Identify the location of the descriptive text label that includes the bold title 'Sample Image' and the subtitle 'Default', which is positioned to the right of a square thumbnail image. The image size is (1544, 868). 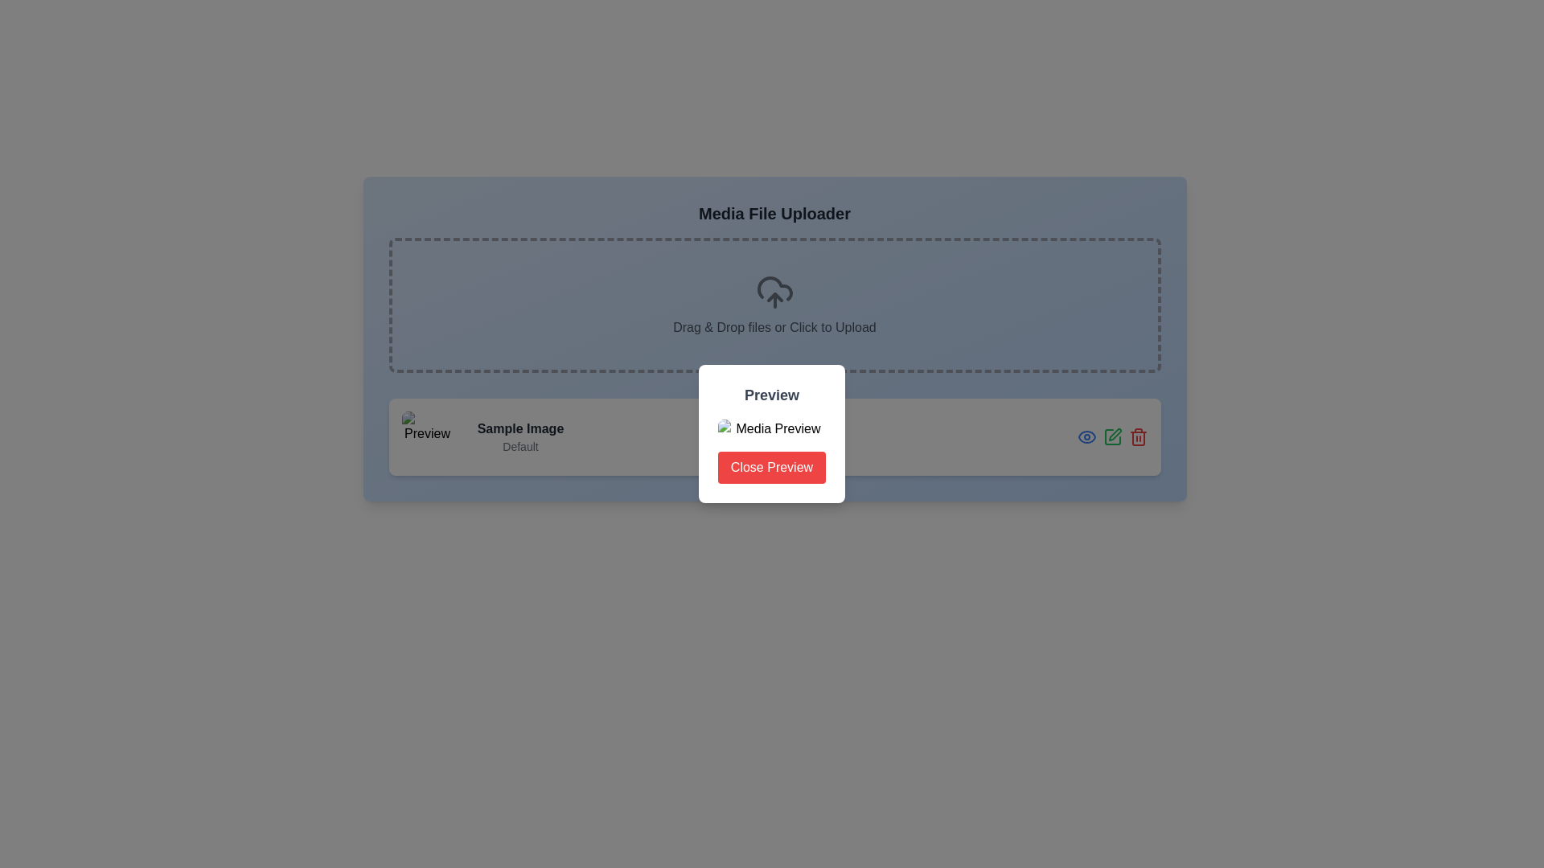
(489, 436).